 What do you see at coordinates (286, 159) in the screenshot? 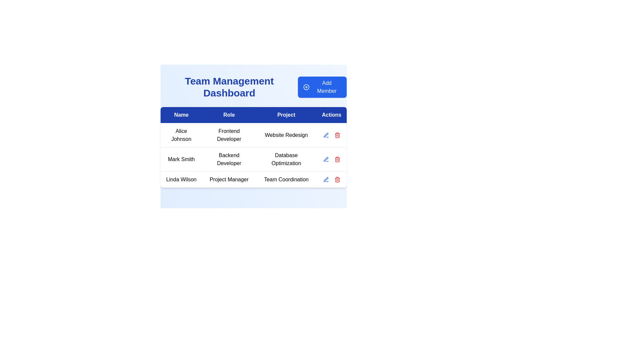
I see `the text label displaying 'Database Optimization' in black font, aligned to the left, located in the third column of the second data row for the project corresponding to 'Mark Smith'` at bounding box center [286, 159].